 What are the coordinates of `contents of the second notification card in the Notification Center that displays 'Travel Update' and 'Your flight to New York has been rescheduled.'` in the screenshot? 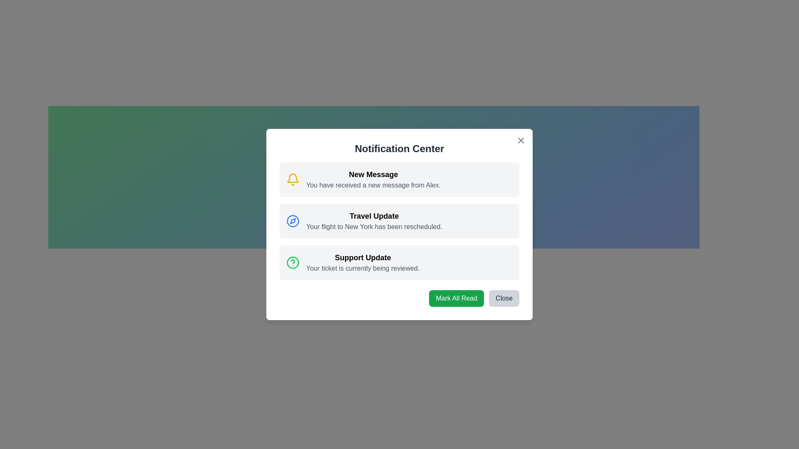 It's located at (374, 221).